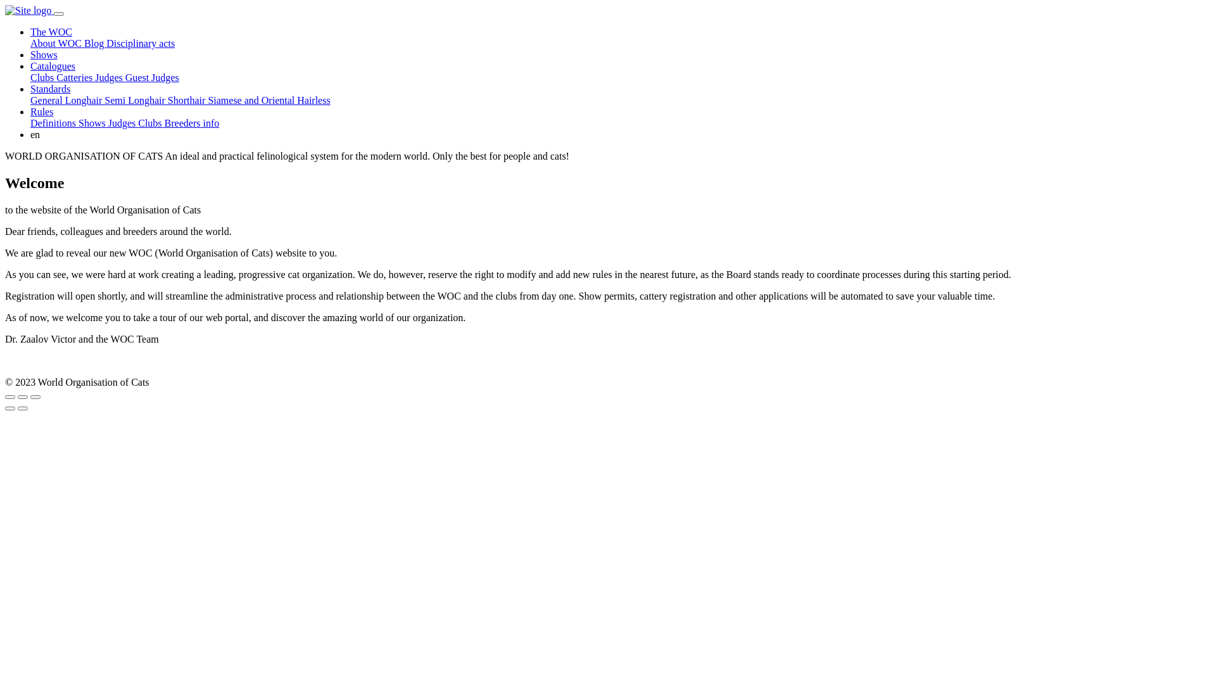 Image resolution: width=1216 pixels, height=684 pixels. Describe the element at coordinates (152, 77) in the screenshot. I see `'Guest Judges'` at that location.